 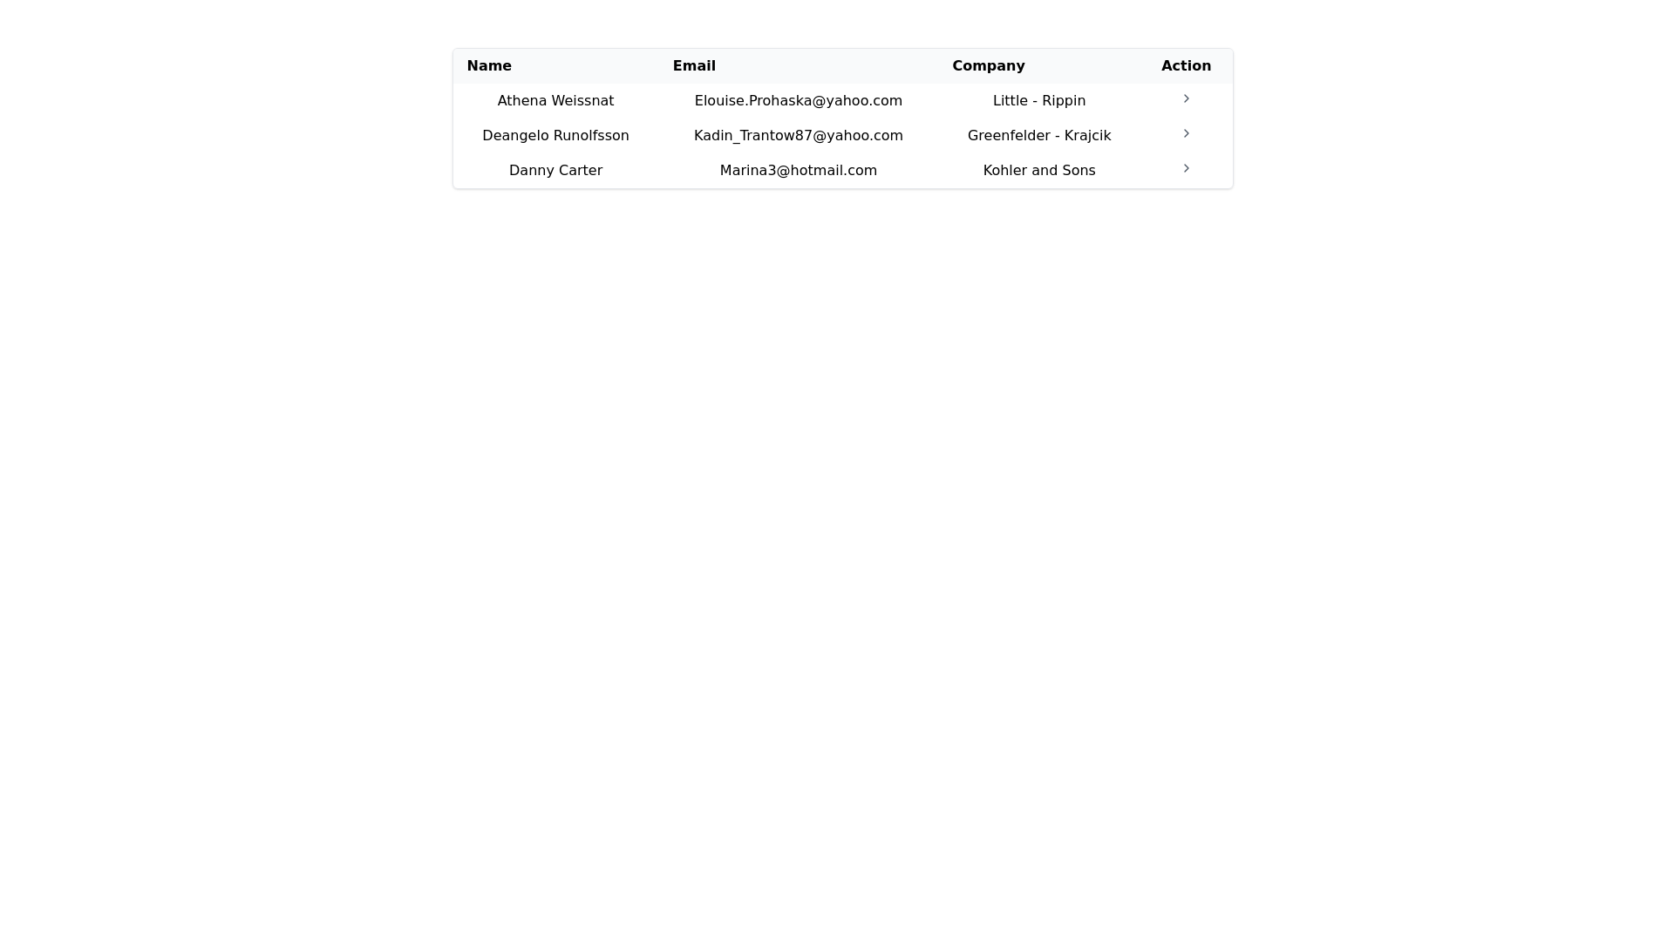 I want to click on the table cell containing the text 'Athena Weissnat' to interact with the row, so click(x=555, y=100).